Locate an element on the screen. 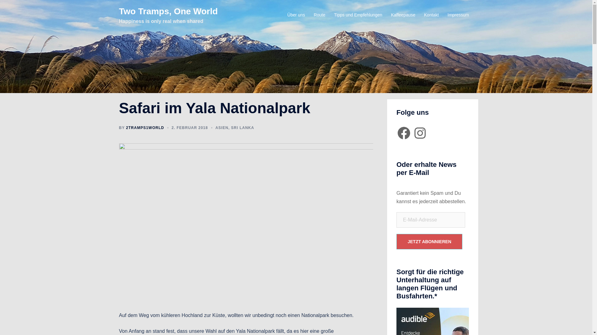  'Instagram' is located at coordinates (420, 132).